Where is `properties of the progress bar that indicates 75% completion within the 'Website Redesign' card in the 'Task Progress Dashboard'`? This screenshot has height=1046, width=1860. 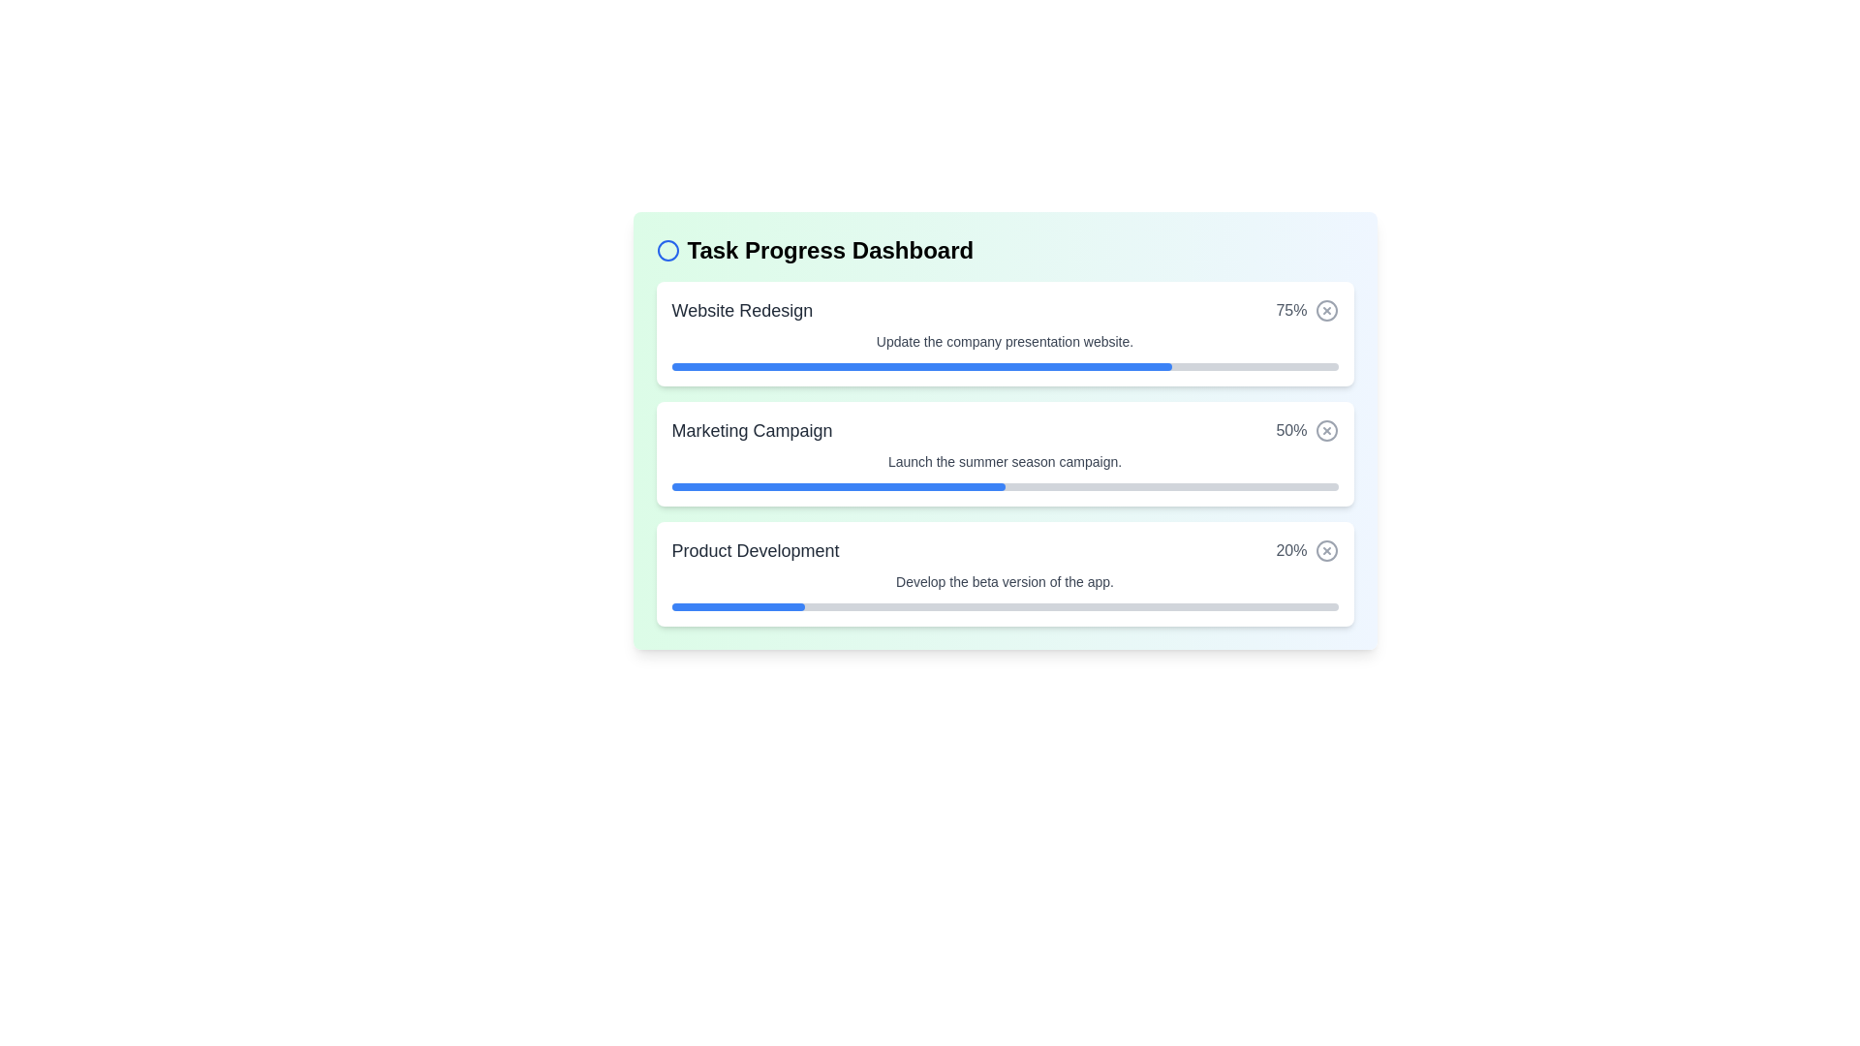 properties of the progress bar that indicates 75% completion within the 'Website Redesign' card in the 'Task Progress Dashboard' is located at coordinates (1005, 366).